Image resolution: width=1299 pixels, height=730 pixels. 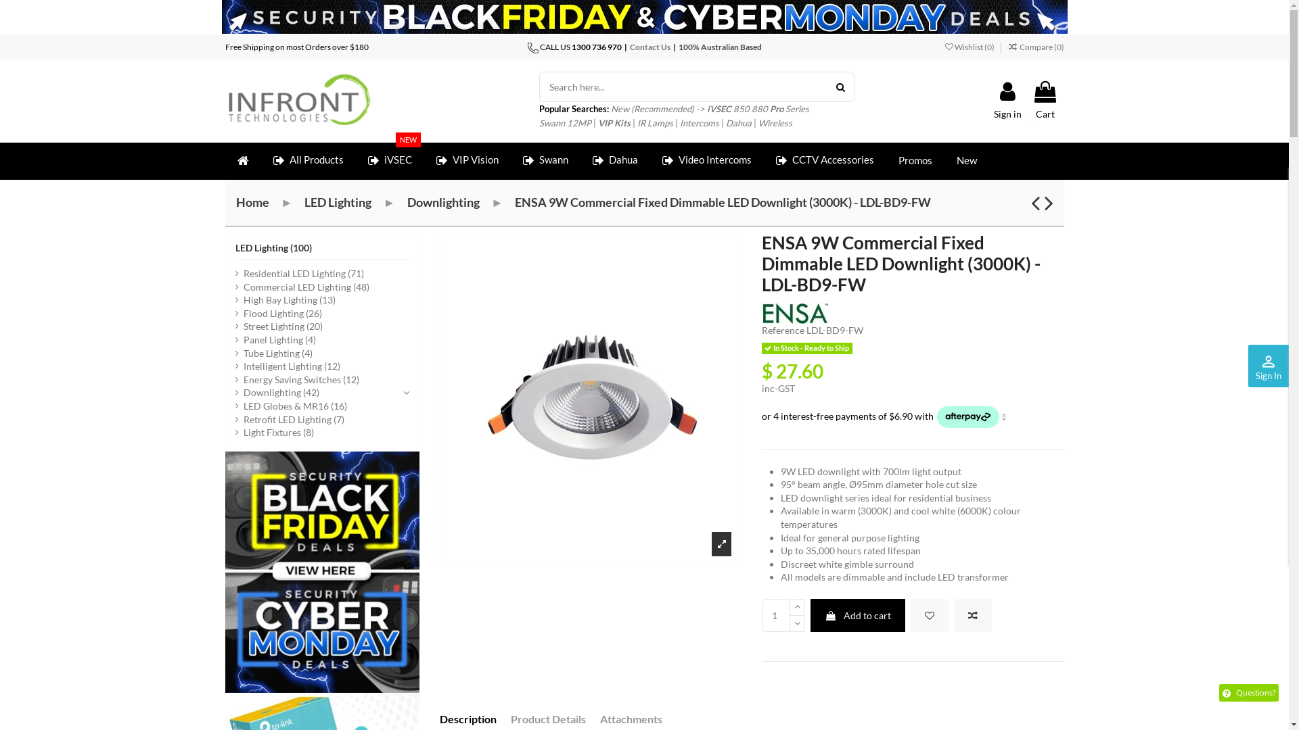 I want to click on 'VIP Vision', so click(x=467, y=160).